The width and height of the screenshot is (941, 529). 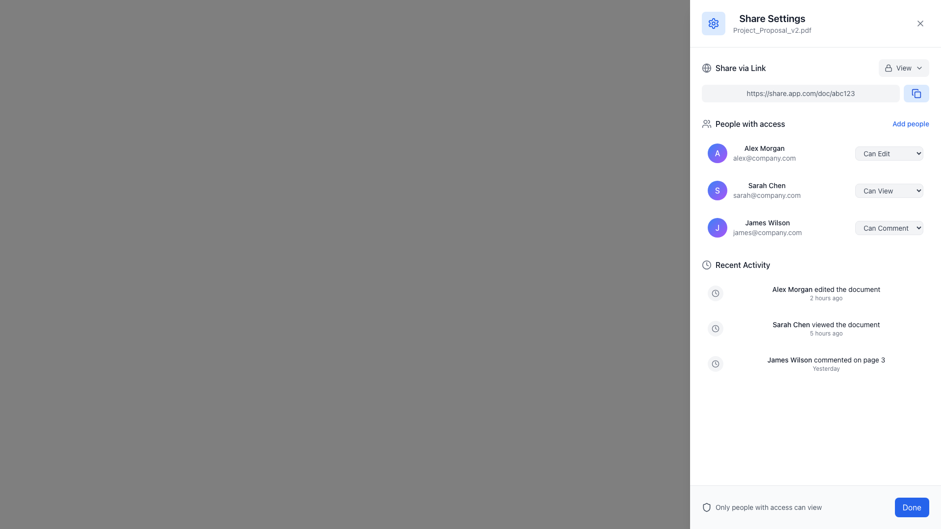 I want to click on the decorative circular component of the clock icon located, so click(x=706, y=264).